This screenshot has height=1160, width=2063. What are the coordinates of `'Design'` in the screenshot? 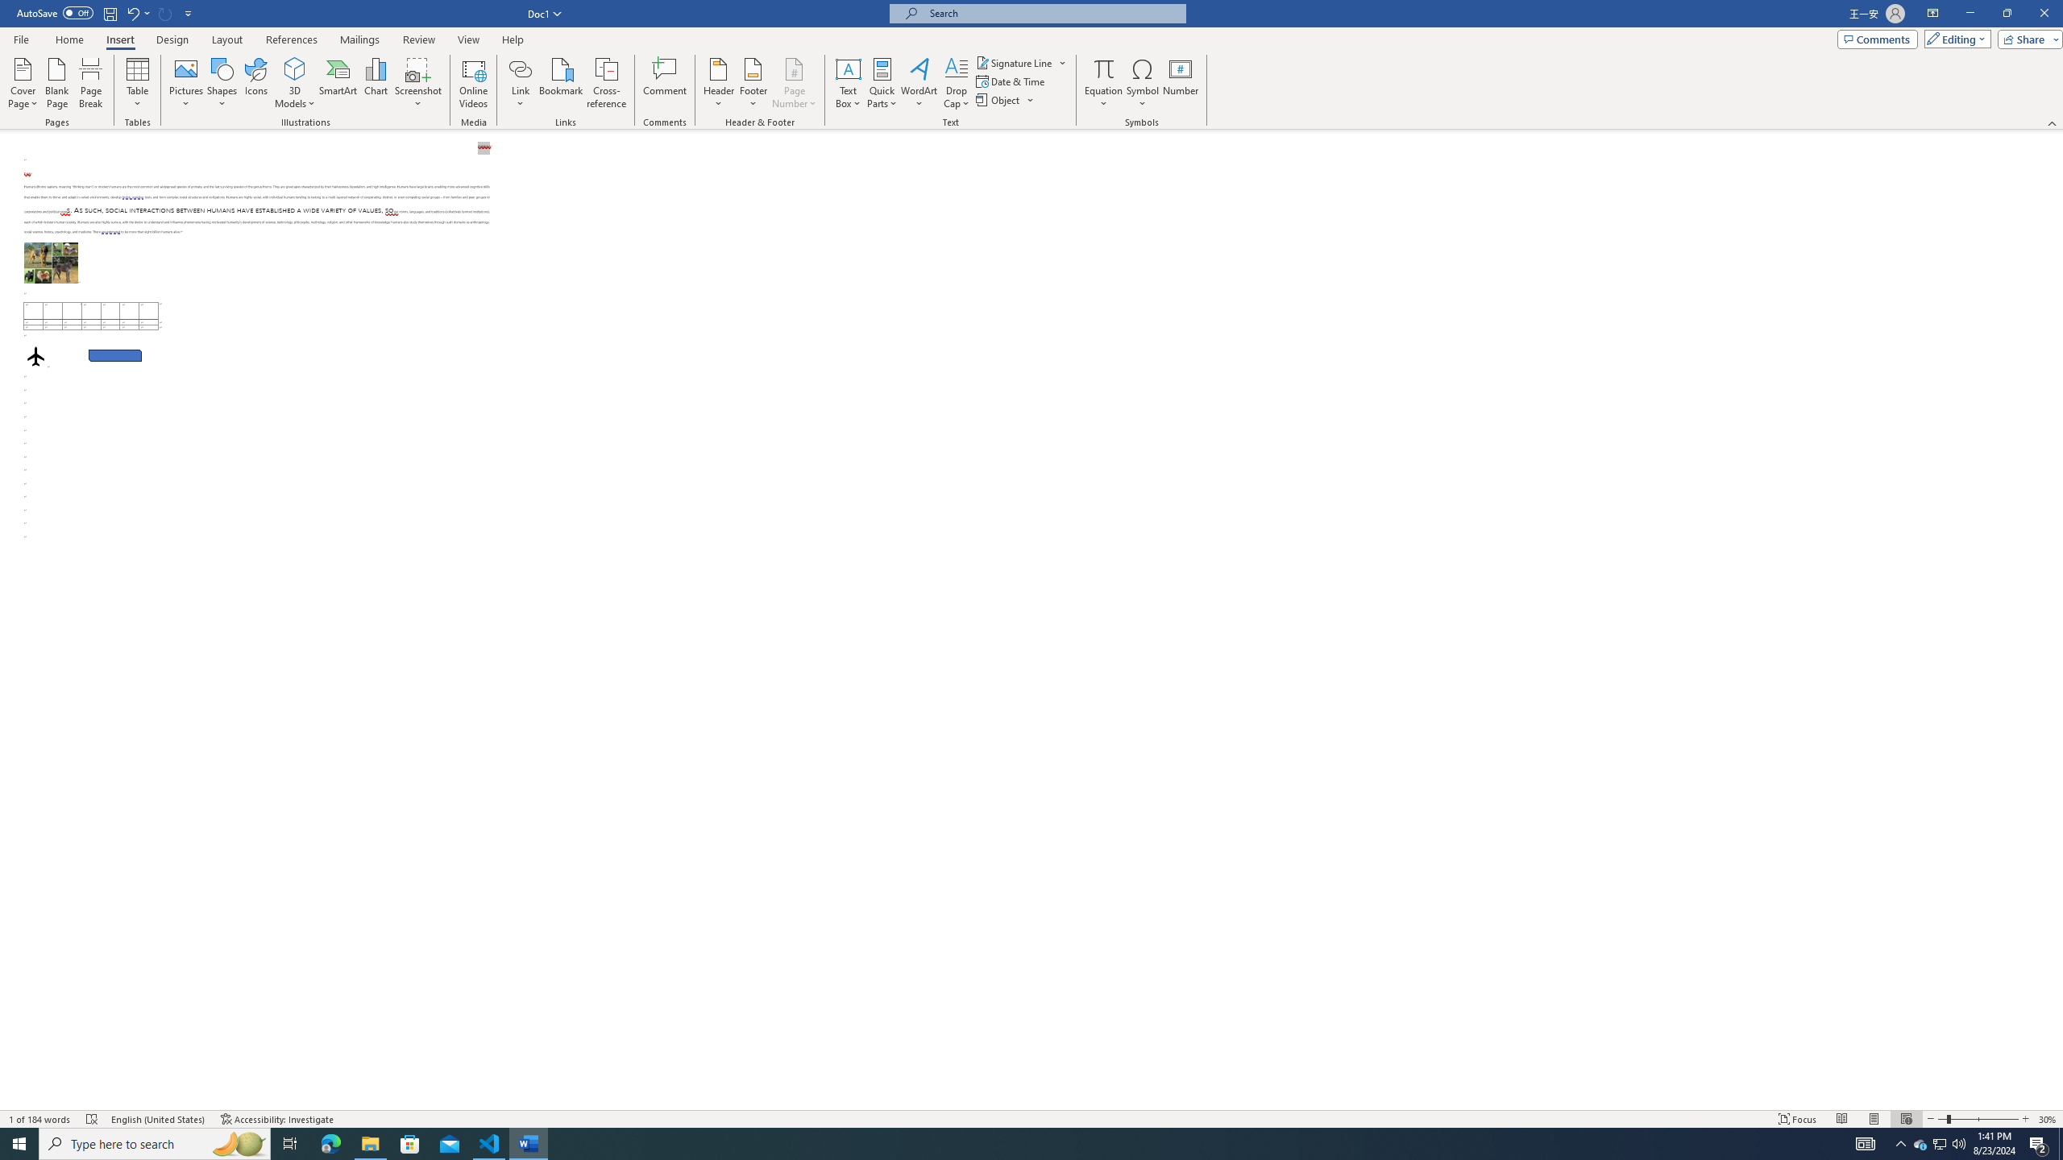 It's located at (173, 39).